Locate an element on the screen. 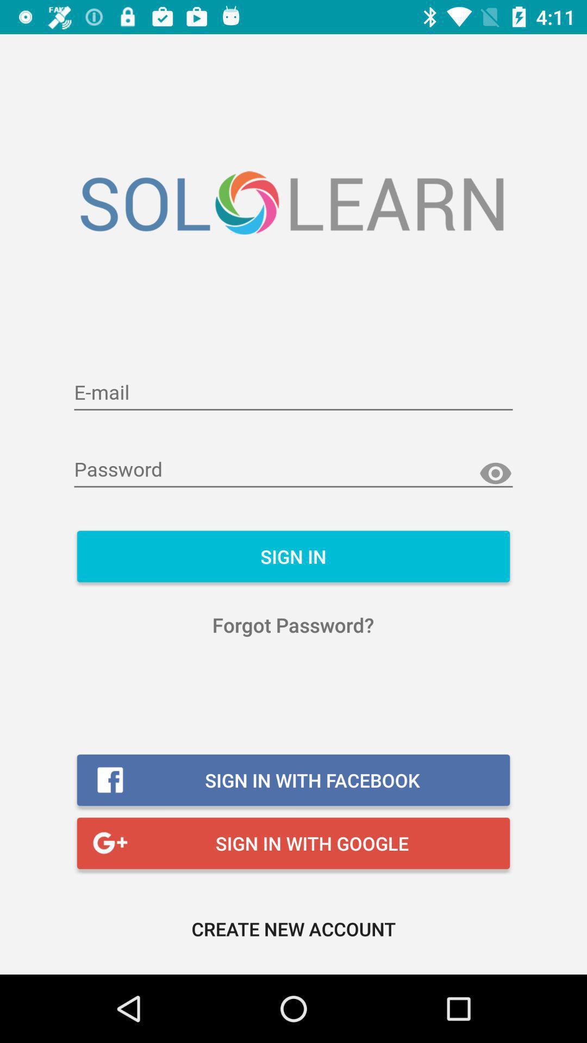  email textbox is located at coordinates (293, 393).